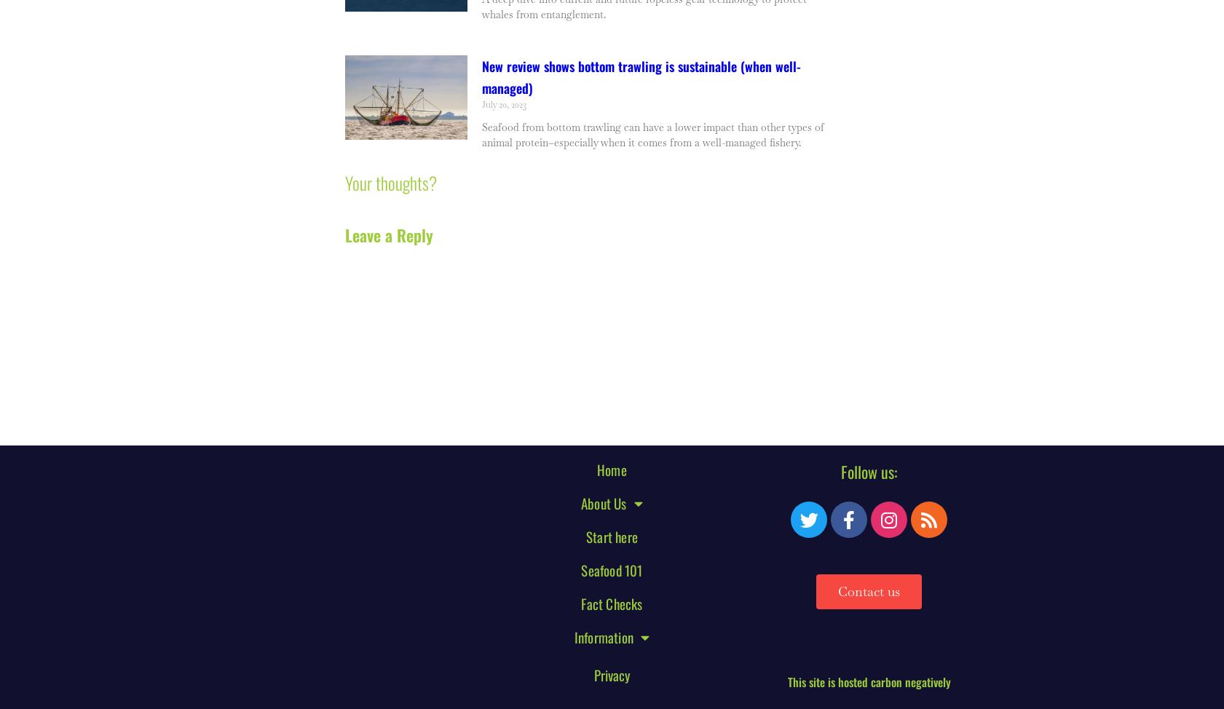 The height and width of the screenshot is (709, 1224). I want to click on 'Start here', so click(610, 536).